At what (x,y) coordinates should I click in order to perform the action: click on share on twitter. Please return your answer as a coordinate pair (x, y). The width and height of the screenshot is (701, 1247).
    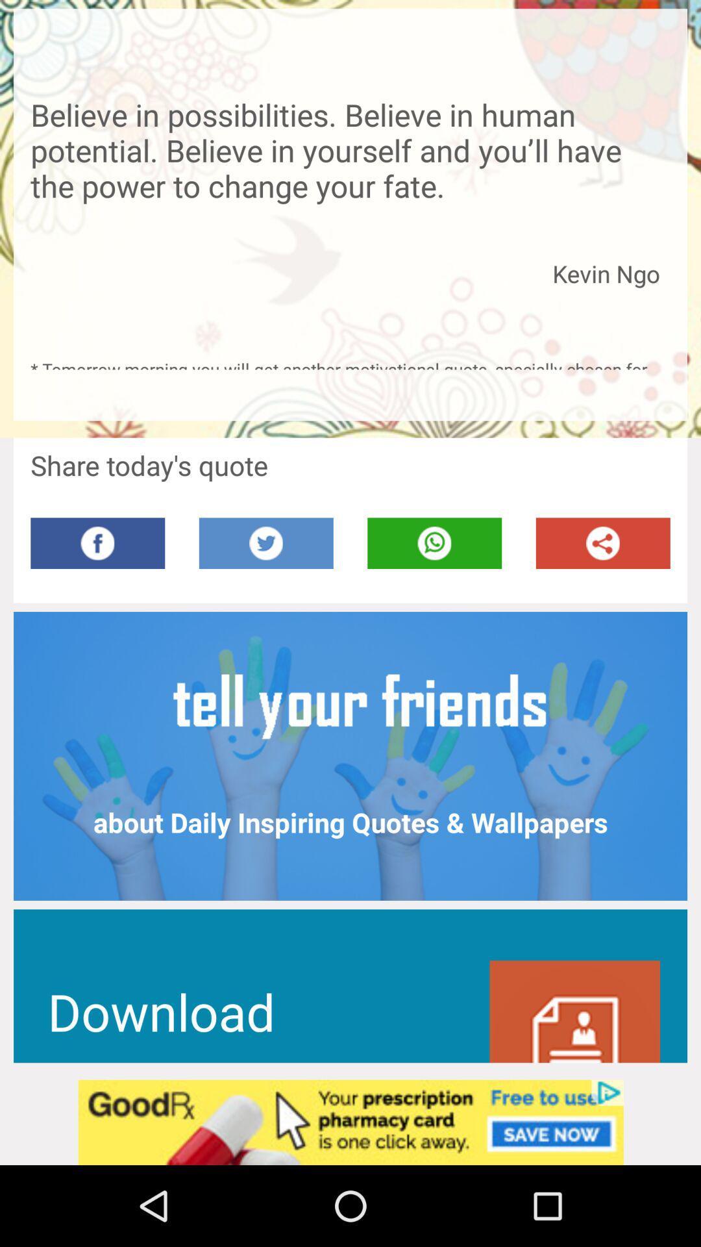
    Looking at the image, I should click on (265, 543).